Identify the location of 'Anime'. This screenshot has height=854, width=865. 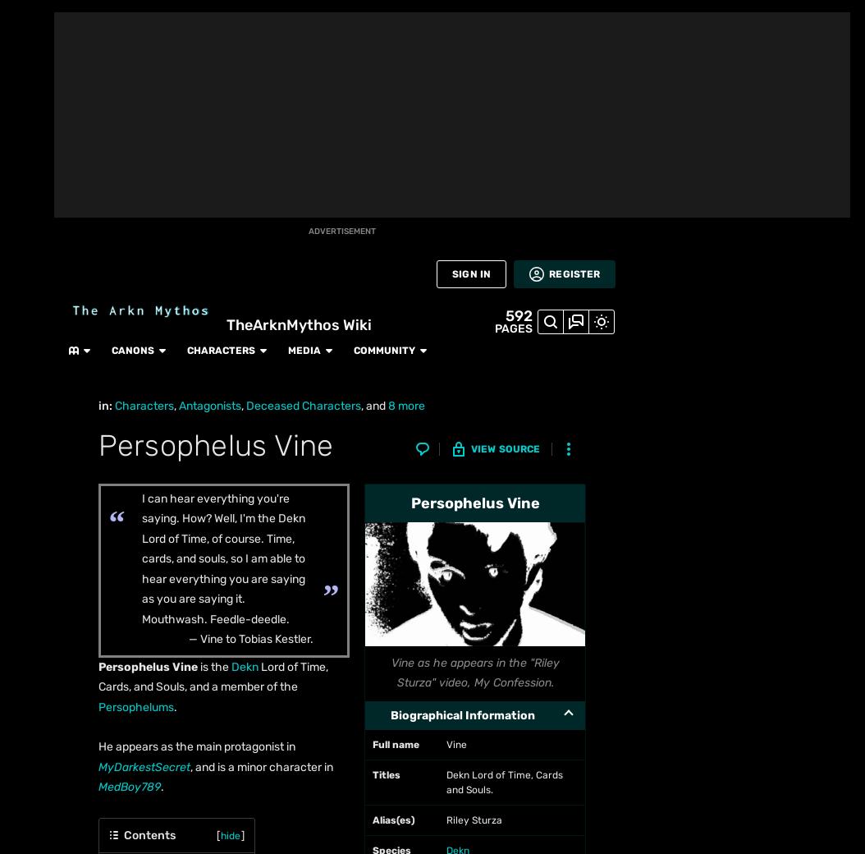
(26, 292).